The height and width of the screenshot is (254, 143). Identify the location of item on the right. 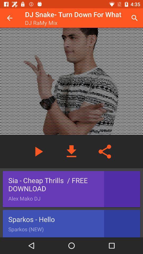
(105, 152).